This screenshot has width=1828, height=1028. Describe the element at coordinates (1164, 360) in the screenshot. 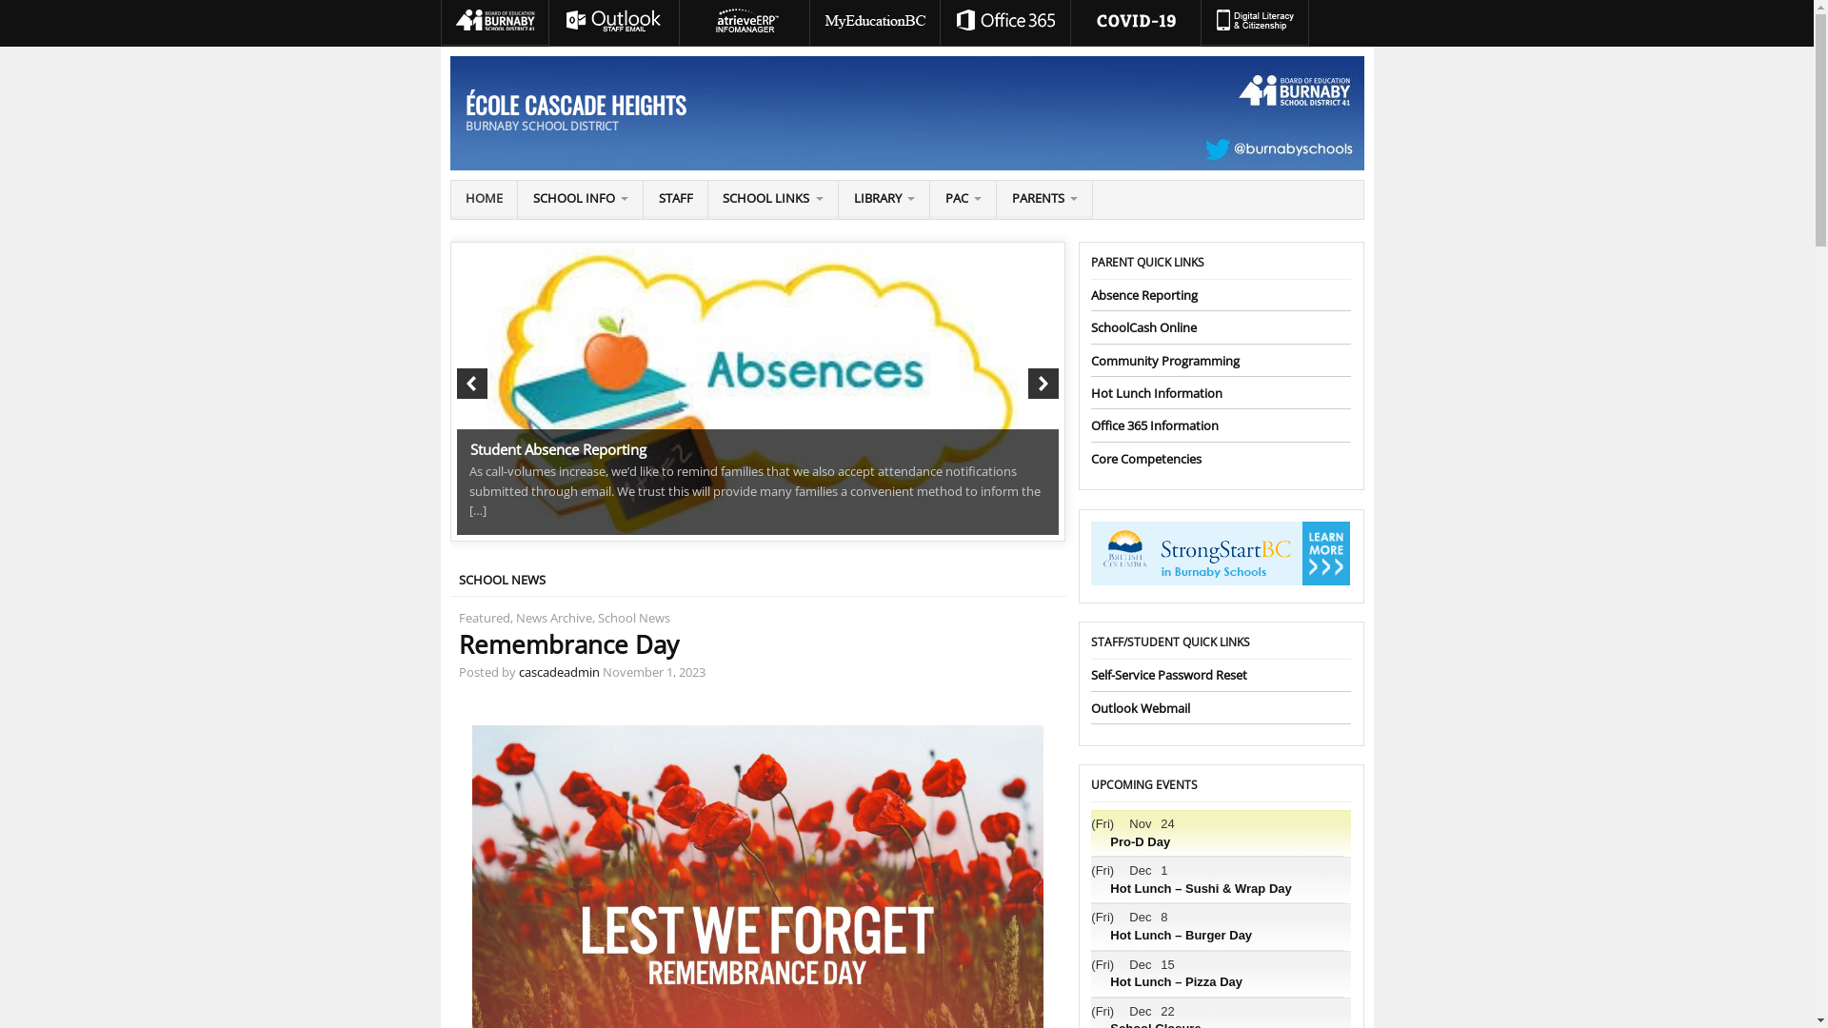

I see `'Community Programming'` at that location.